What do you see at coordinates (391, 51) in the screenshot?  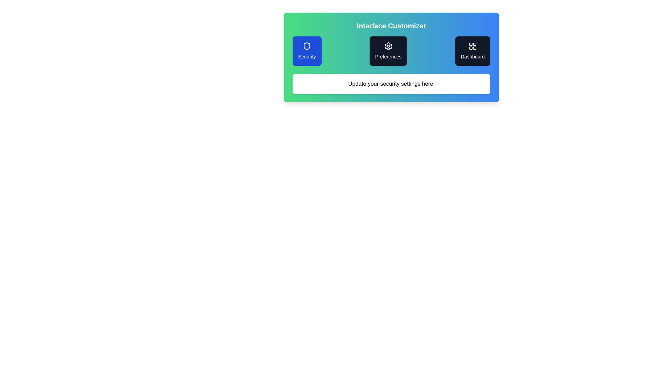 I see `the 'Preferences' button` at bounding box center [391, 51].